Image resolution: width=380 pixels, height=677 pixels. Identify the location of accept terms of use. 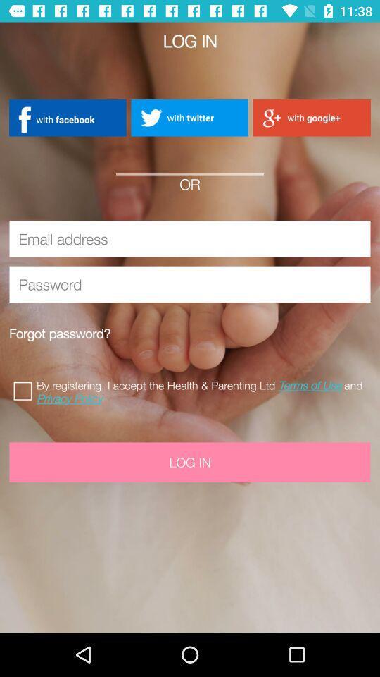
(25, 389).